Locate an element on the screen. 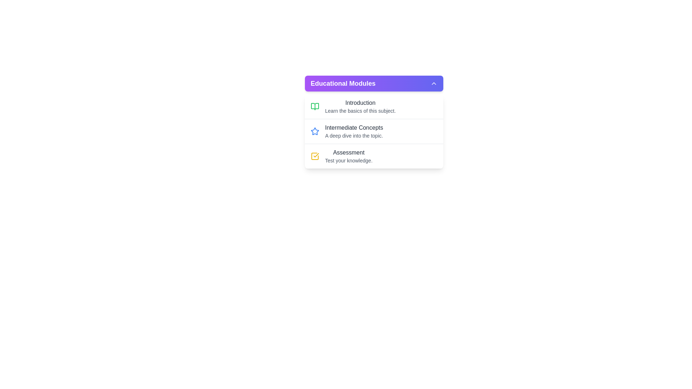 This screenshot has width=692, height=389. description of the List element with the heading 'Assessment' and the subtitle 'Test your knowledge.' is located at coordinates (349, 156).